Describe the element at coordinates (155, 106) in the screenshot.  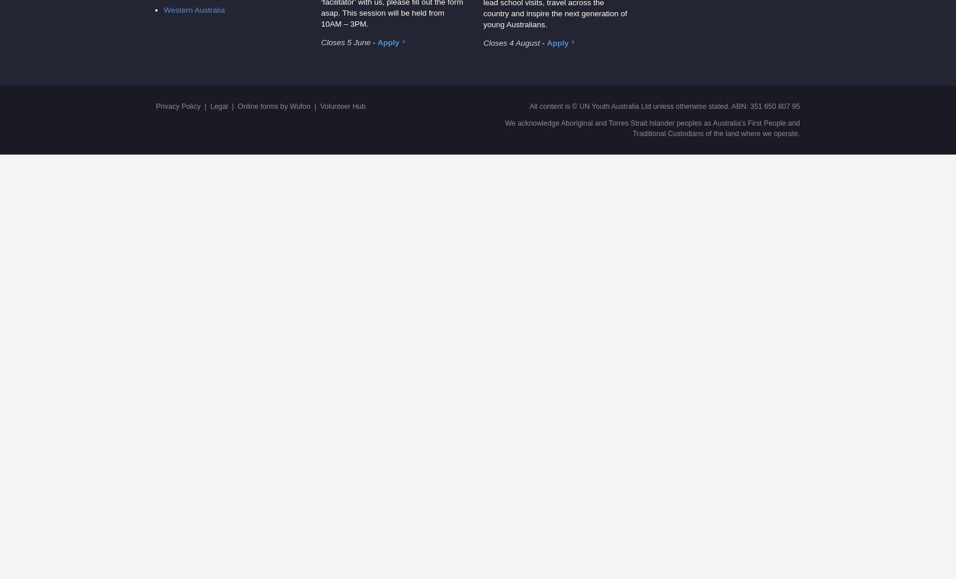
I see `'Privacy Policy'` at that location.